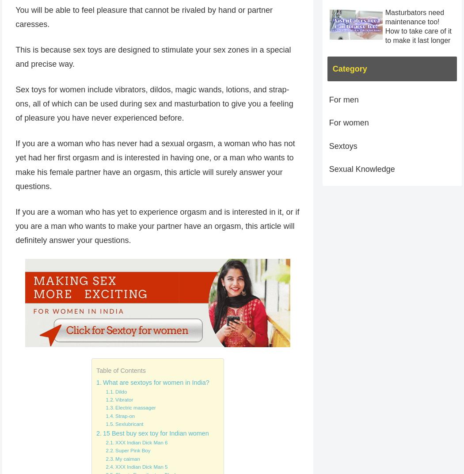 The image size is (464, 474). What do you see at coordinates (124, 416) in the screenshot?
I see `'Strap-on'` at bounding box center [124, 416].